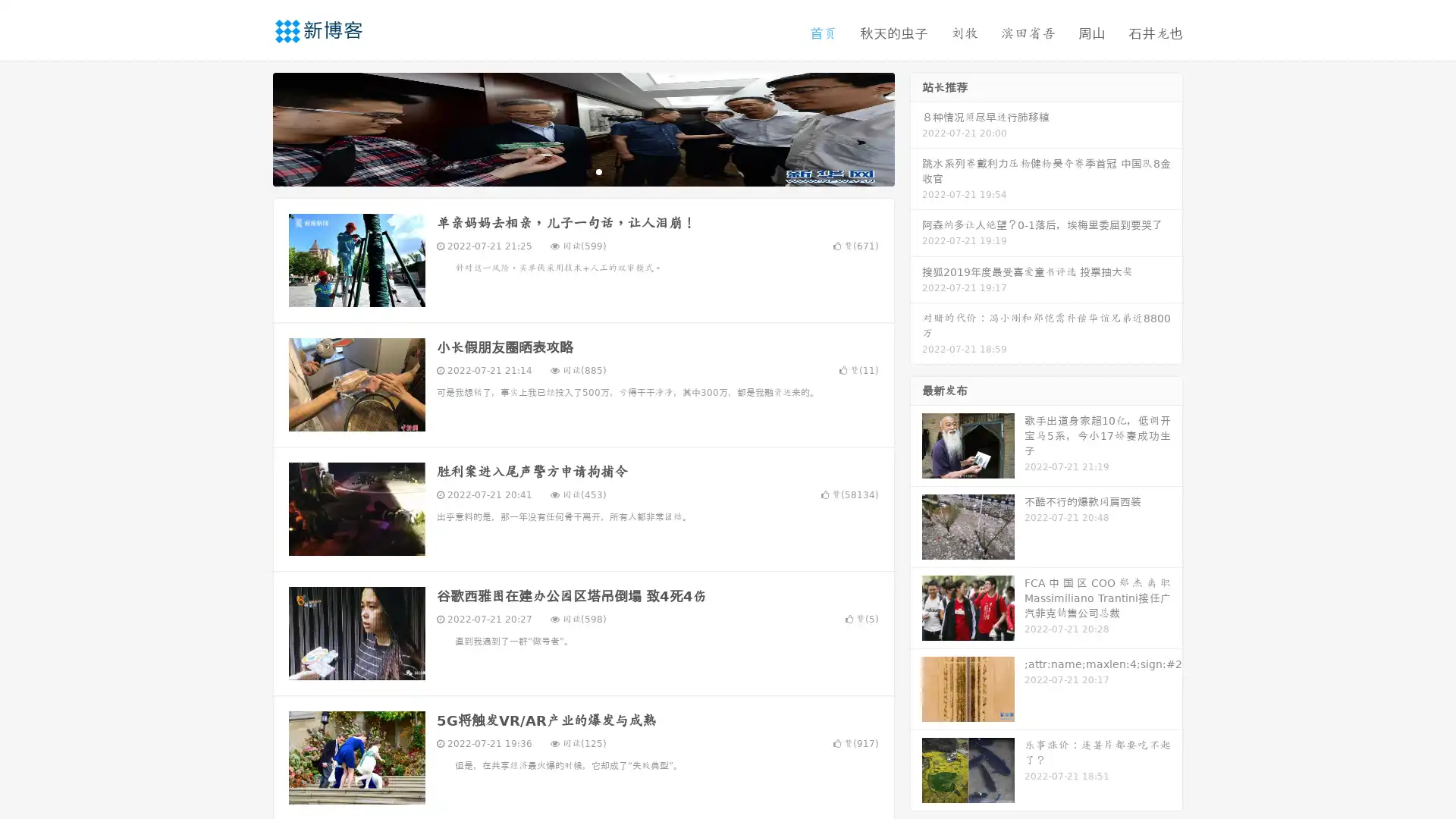 The width and height of the screenshot is (1456, 819). Describe the element at coordinates (250, 127) in the screenshot. I see `Previous slide` at that location.